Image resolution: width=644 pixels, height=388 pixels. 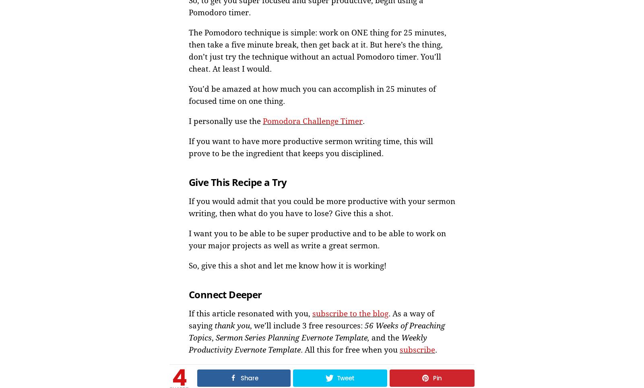 I want to click on 'I personally use the', so click(x=225, y=121).